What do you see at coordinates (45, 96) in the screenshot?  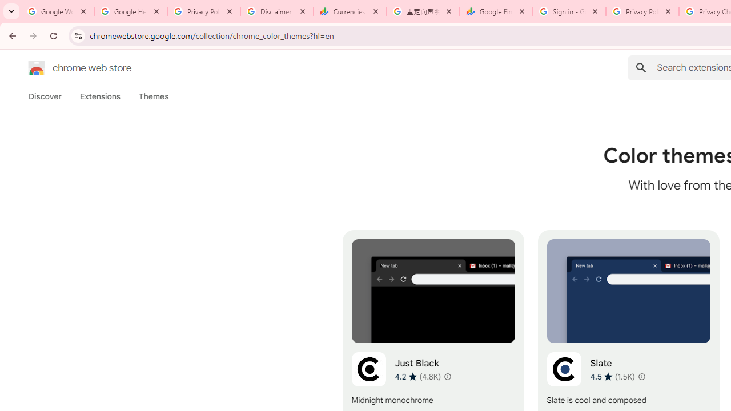 I see `'Discover'` at bounding box center [45, 96].